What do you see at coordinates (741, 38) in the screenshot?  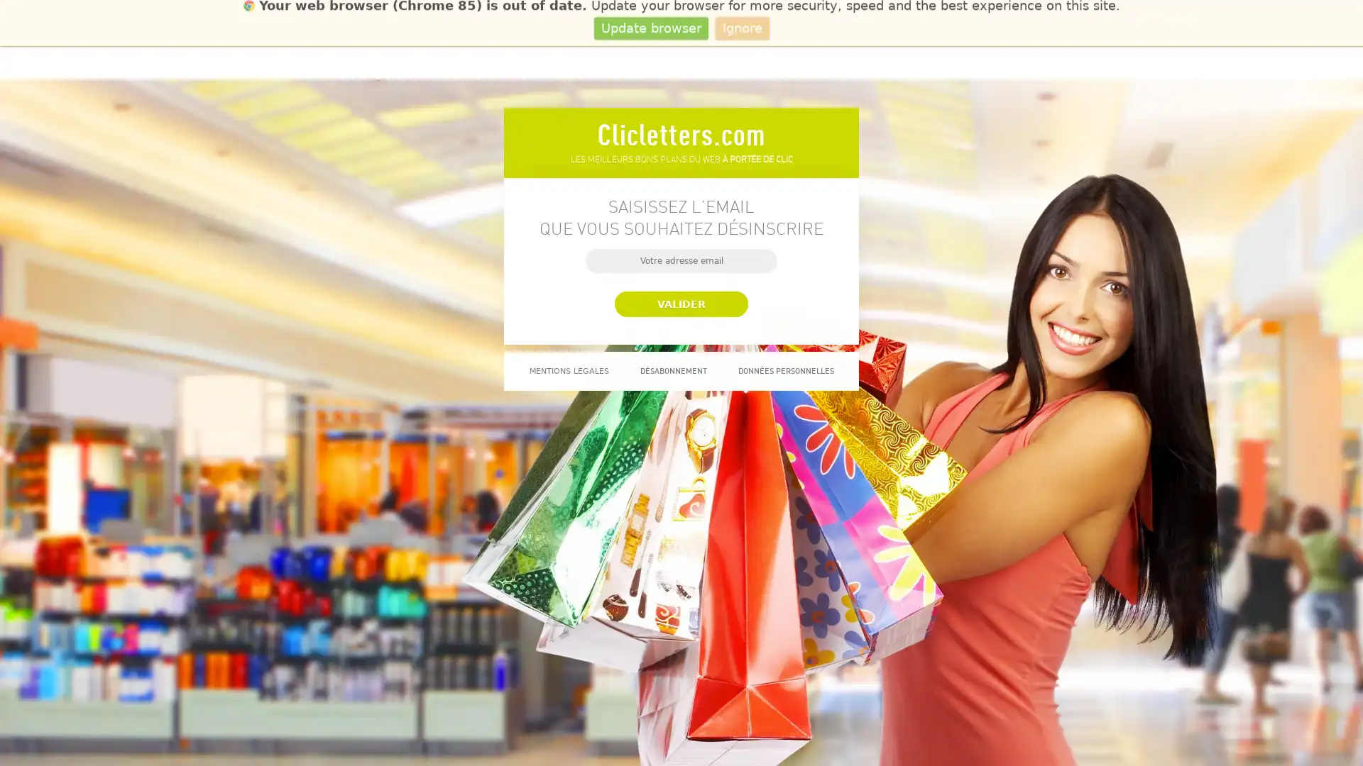 I see `Ignore` at bounding box center [741, 38].